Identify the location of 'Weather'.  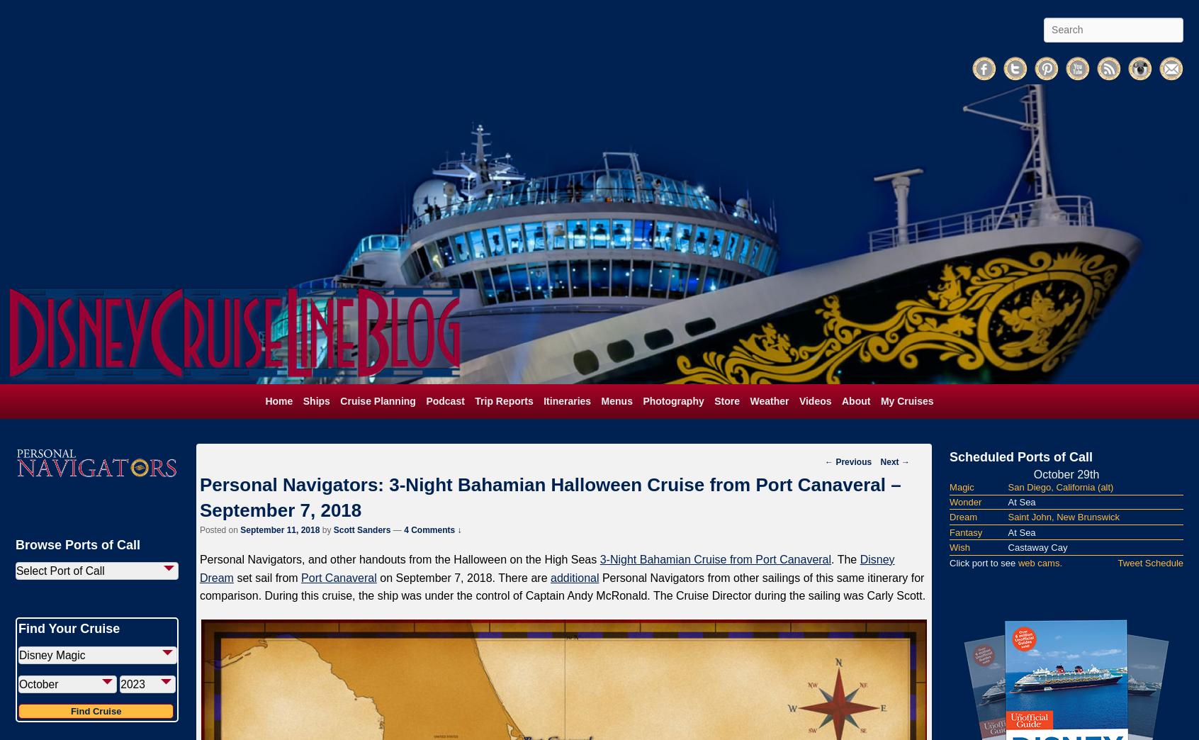
(769, 400).